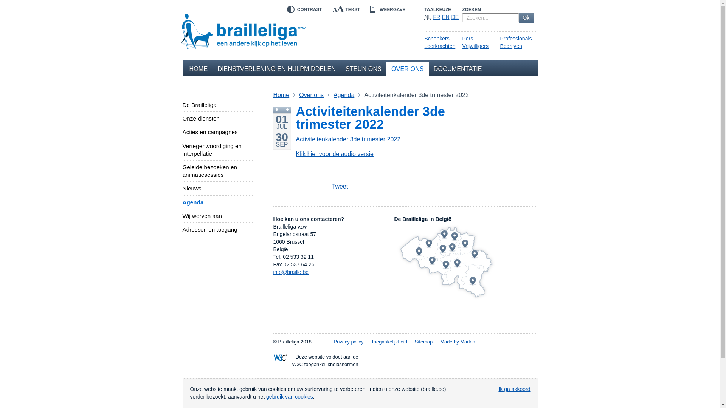  What do you see at coordinates (331, 187) in the screenshot?
I see `'Tweet'` at bounding box center [331, 187].